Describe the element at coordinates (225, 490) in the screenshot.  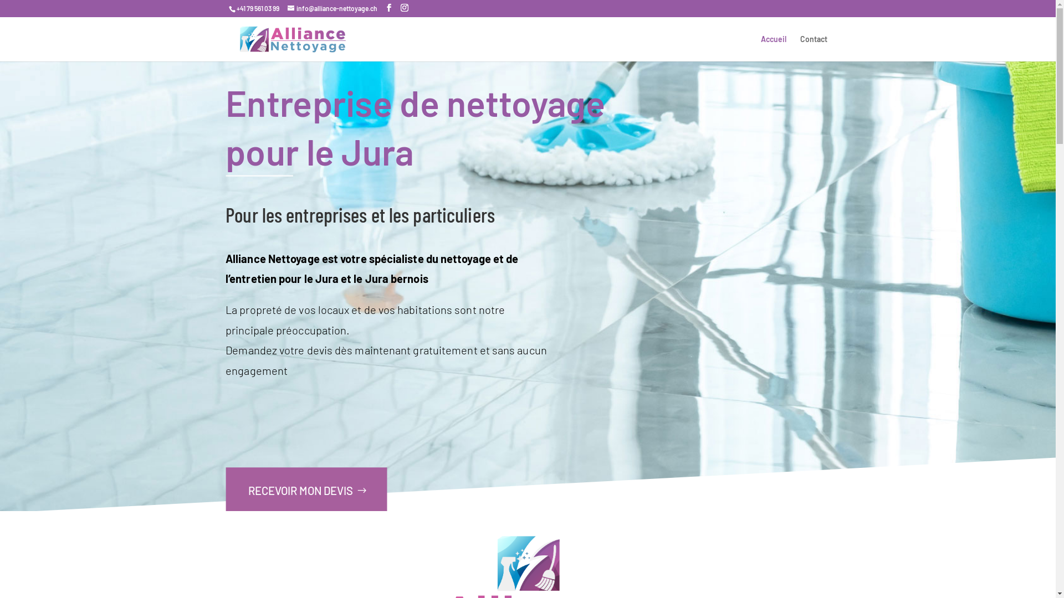
I see `'RECEVOIR MON DEVIS'` at that location.